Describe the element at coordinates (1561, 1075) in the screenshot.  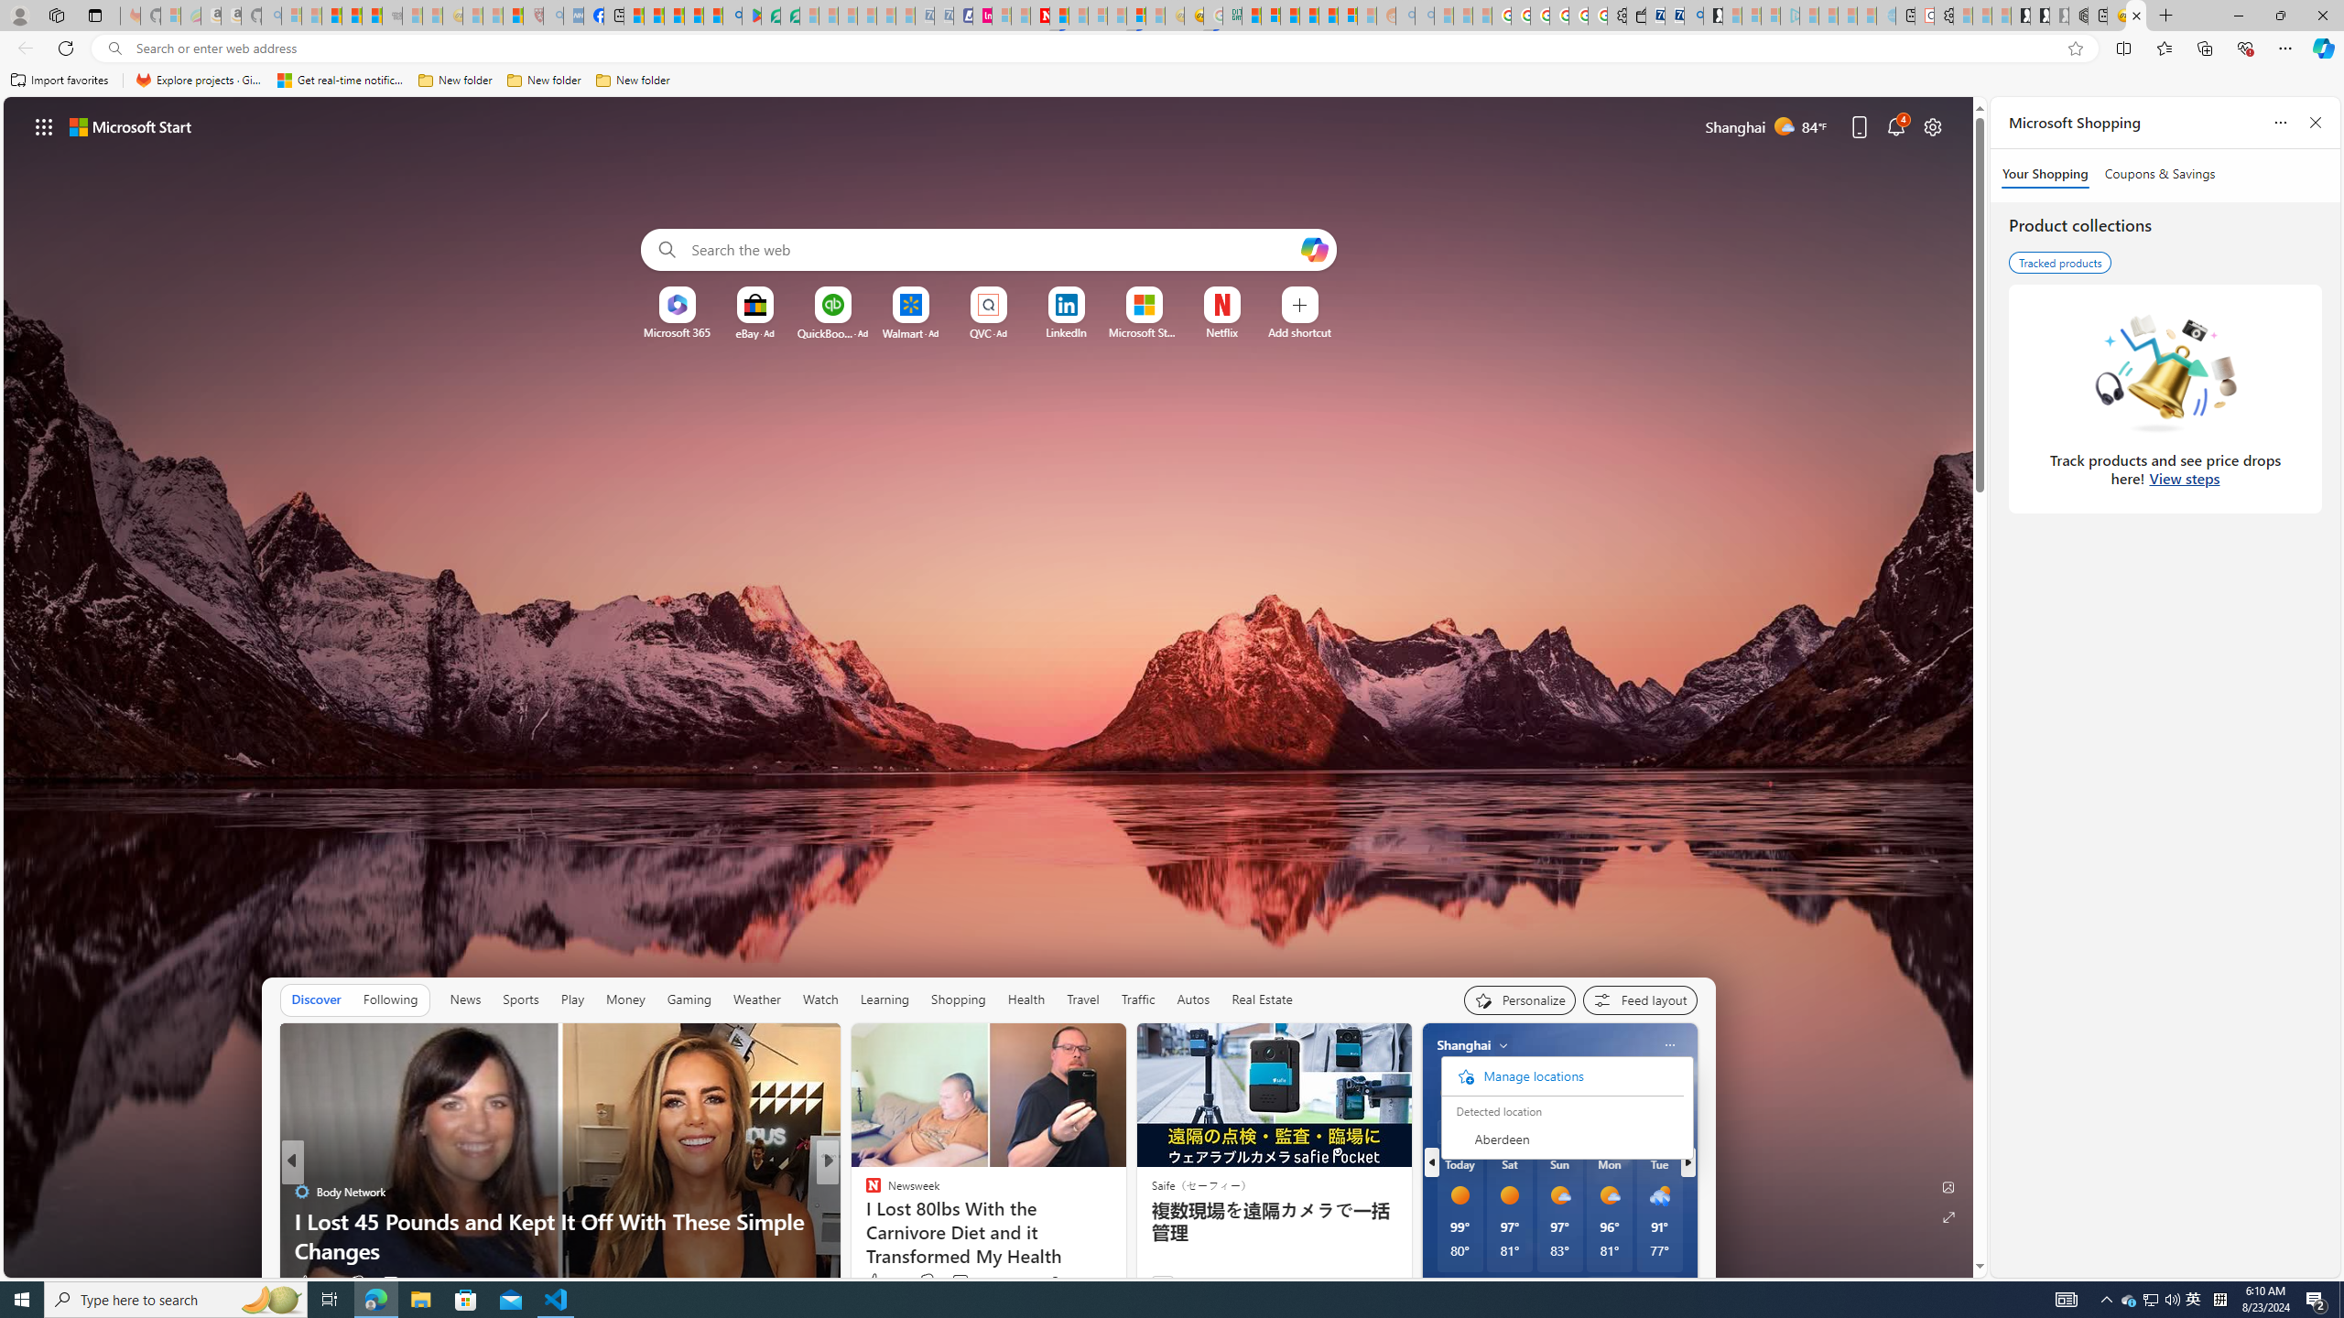
I see `'Manage locations'` at that location.